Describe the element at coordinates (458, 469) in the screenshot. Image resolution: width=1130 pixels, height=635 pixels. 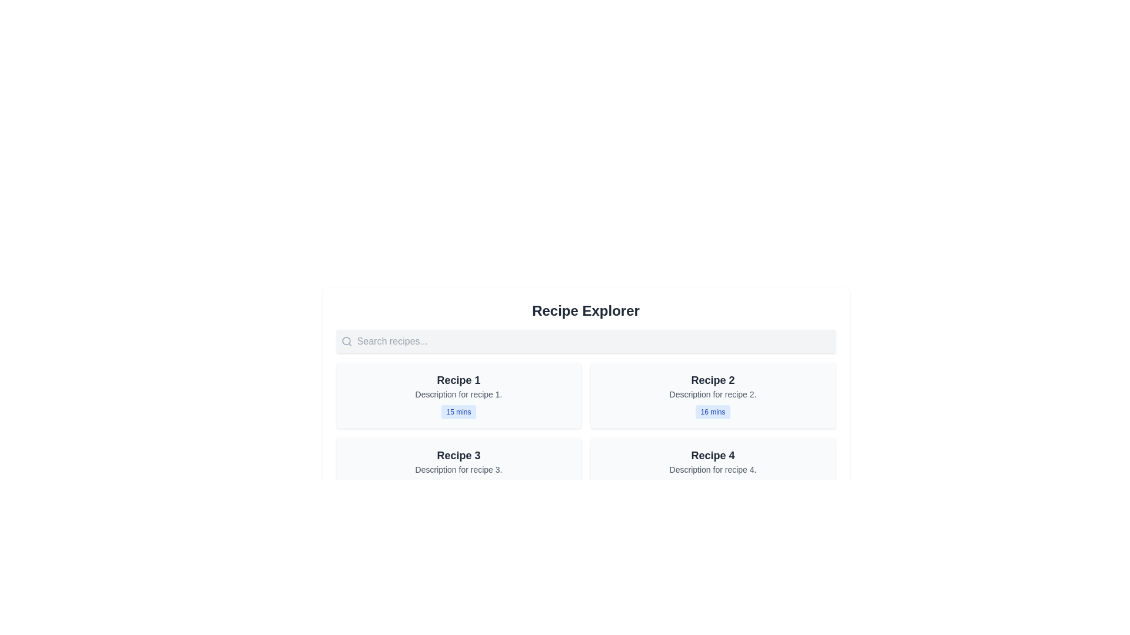
I see `the text block that reads 'Description for recipe 3.', which is styled in small gray font and located below the title 'Recipe 3'` at that location.